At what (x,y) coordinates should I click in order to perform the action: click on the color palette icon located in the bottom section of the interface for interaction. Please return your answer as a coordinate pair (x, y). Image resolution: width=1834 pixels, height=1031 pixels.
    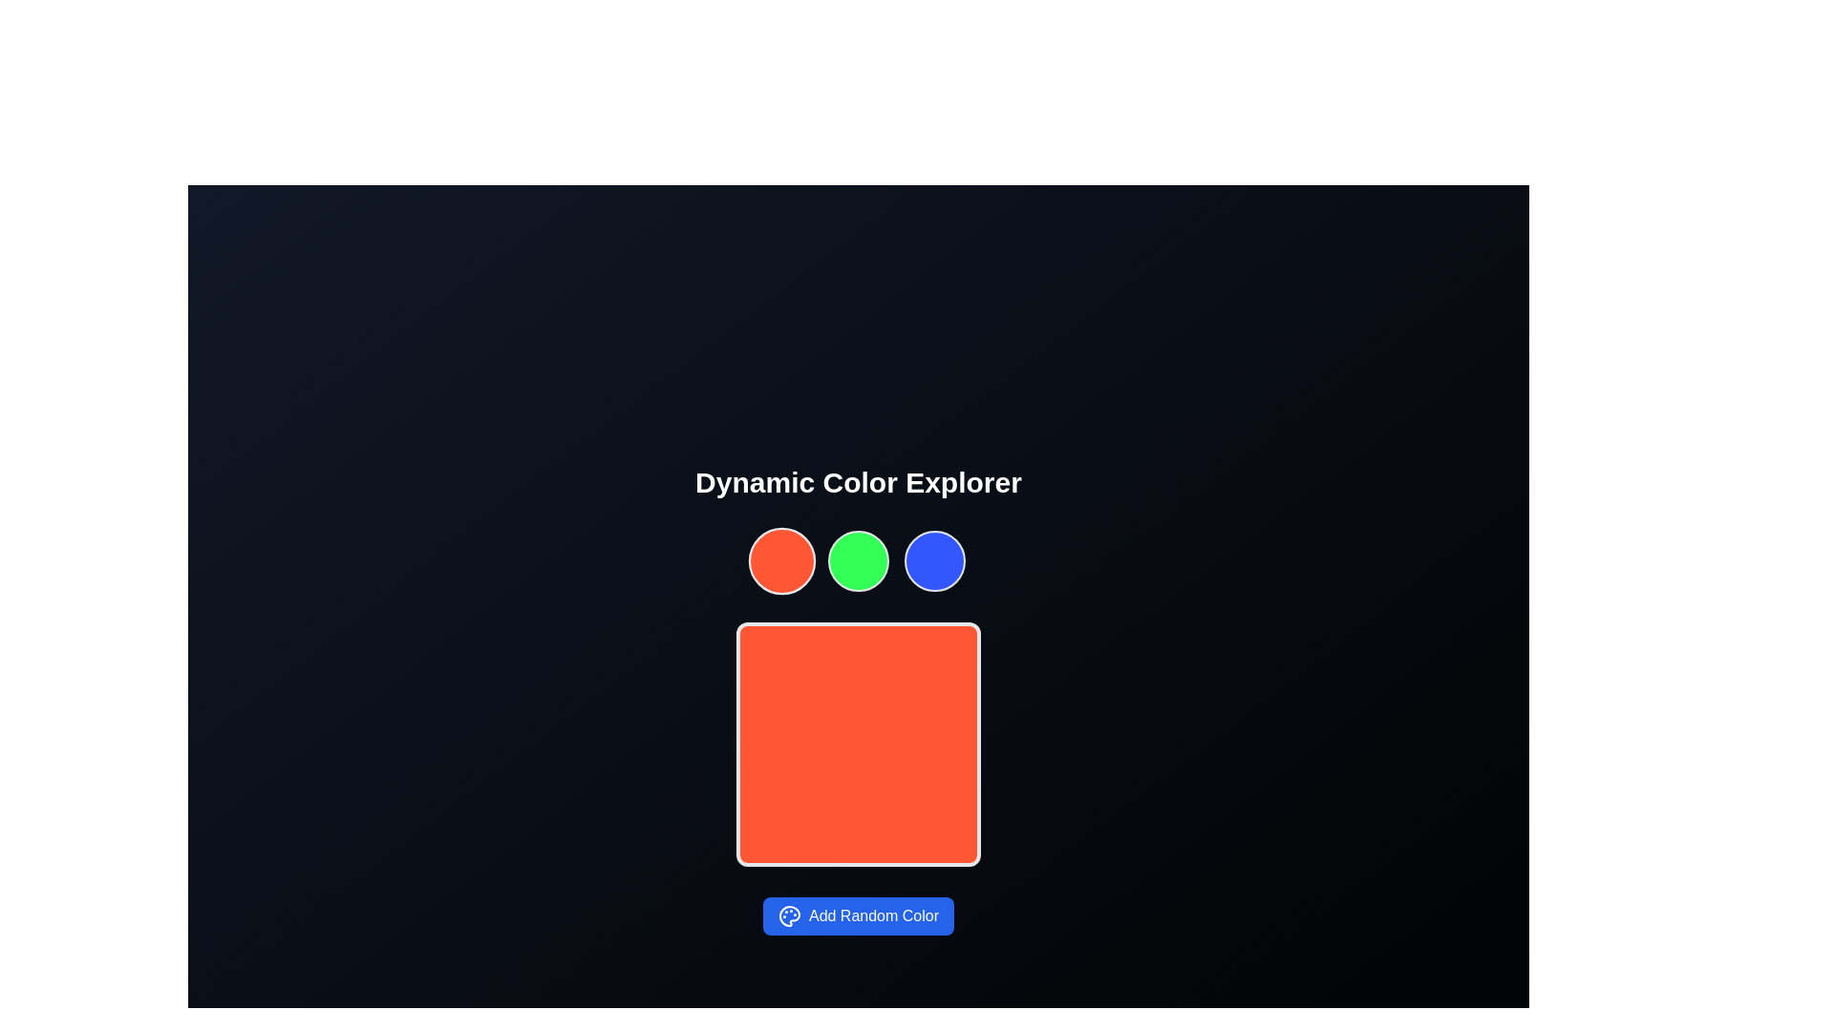
    Looking at the image, I should click on (789, 915).